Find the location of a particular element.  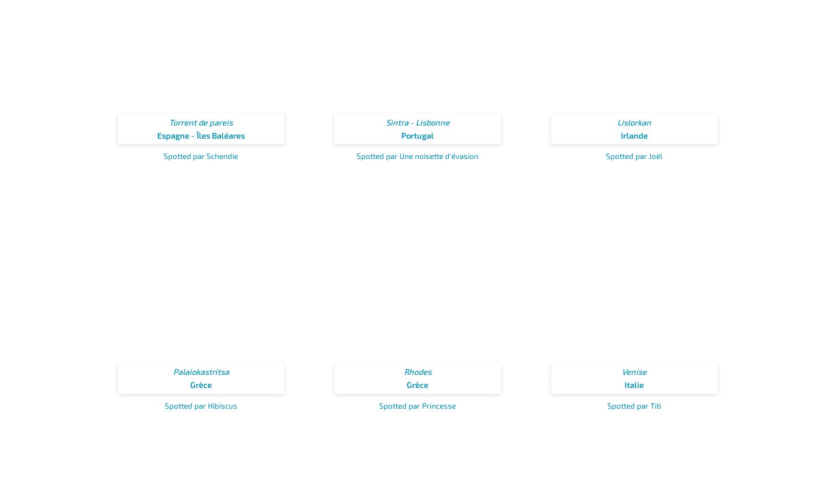

'Spotted par Princesse' is located at coordinates (418, 405).